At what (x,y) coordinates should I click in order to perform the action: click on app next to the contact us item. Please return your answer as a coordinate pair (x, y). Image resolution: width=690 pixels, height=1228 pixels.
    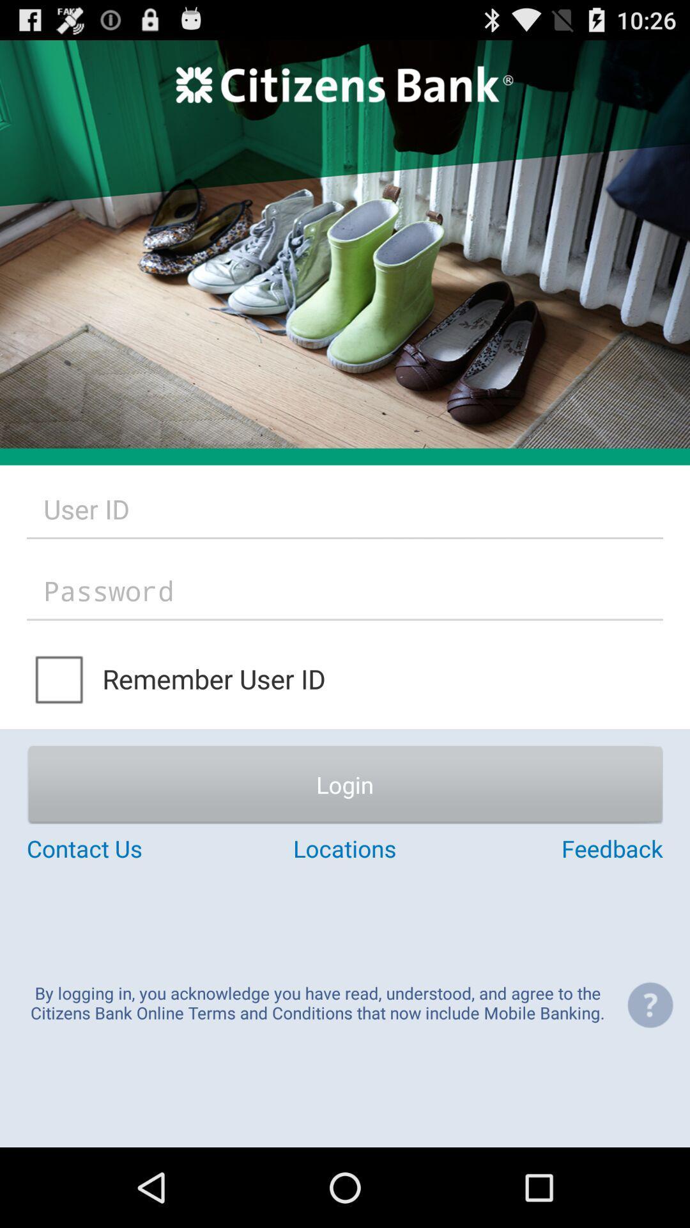
    Looking at the image, I should click on (344, 848).